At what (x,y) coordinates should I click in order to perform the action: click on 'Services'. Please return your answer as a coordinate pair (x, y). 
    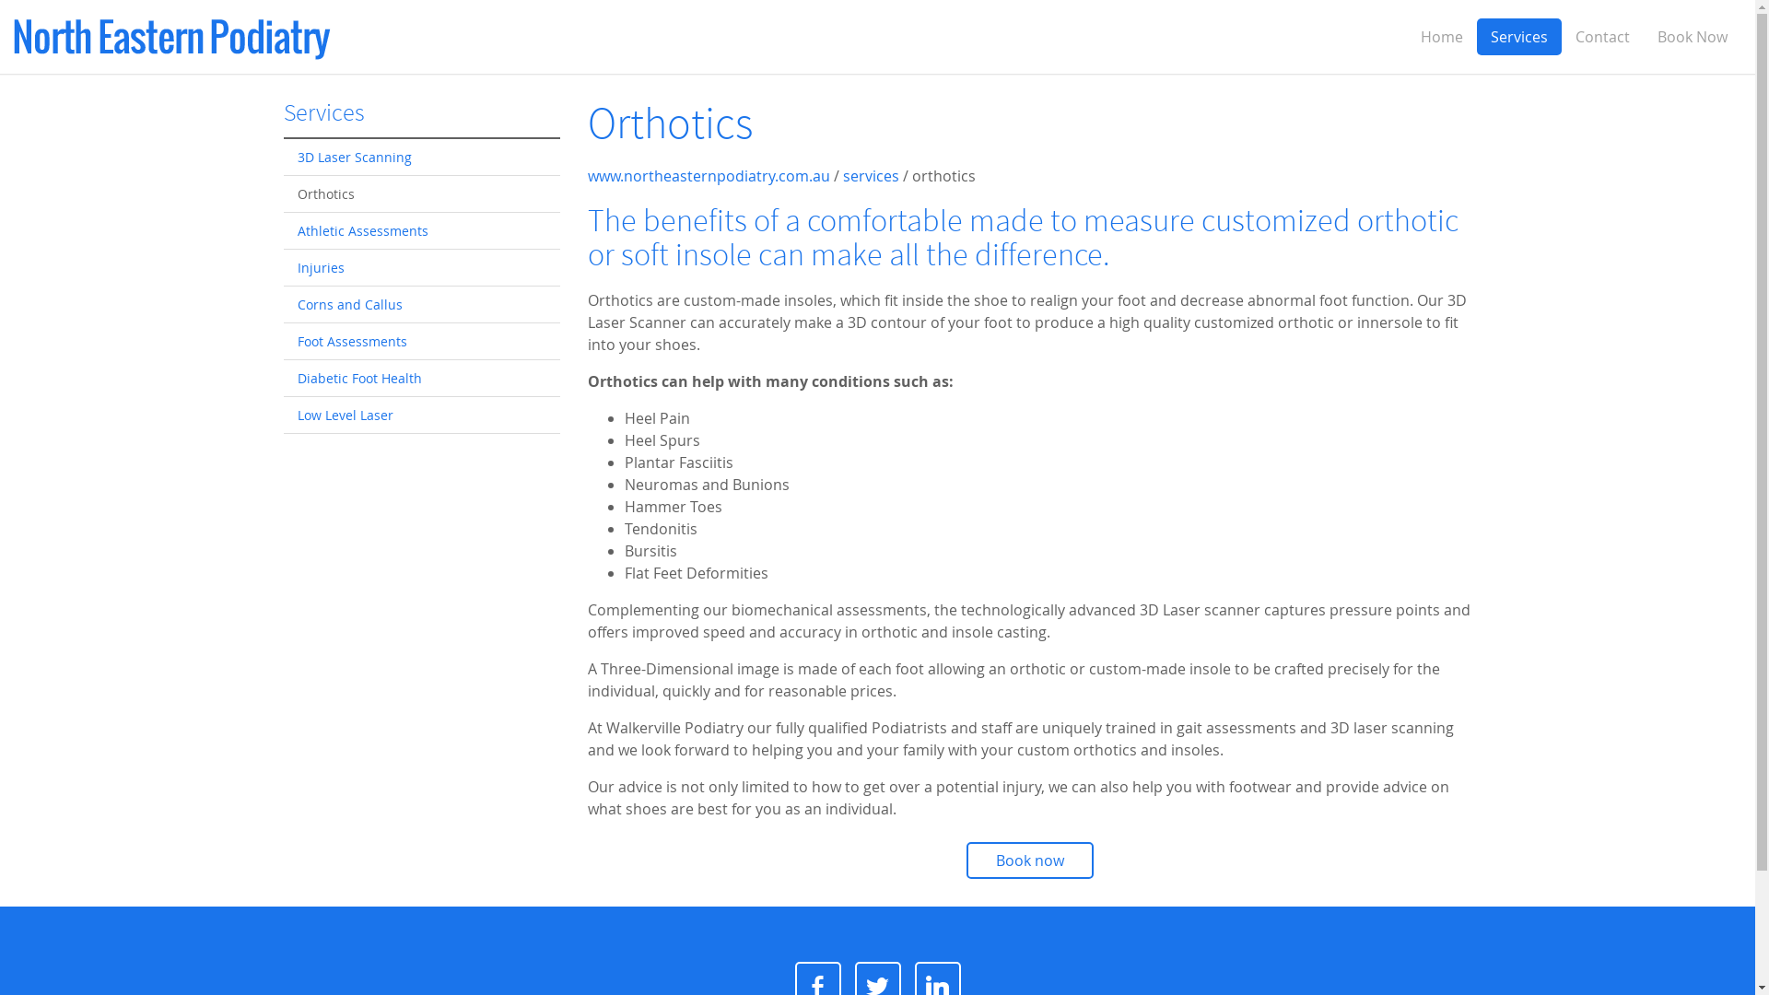
    Looking at the image, I should click on (1477, 36).